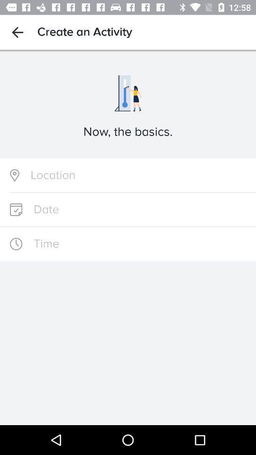 The height and width of the screenshot is (455, 256). Describe the element at coordinates (128, 244) in the screenshot. I see `input field for time` at that location.